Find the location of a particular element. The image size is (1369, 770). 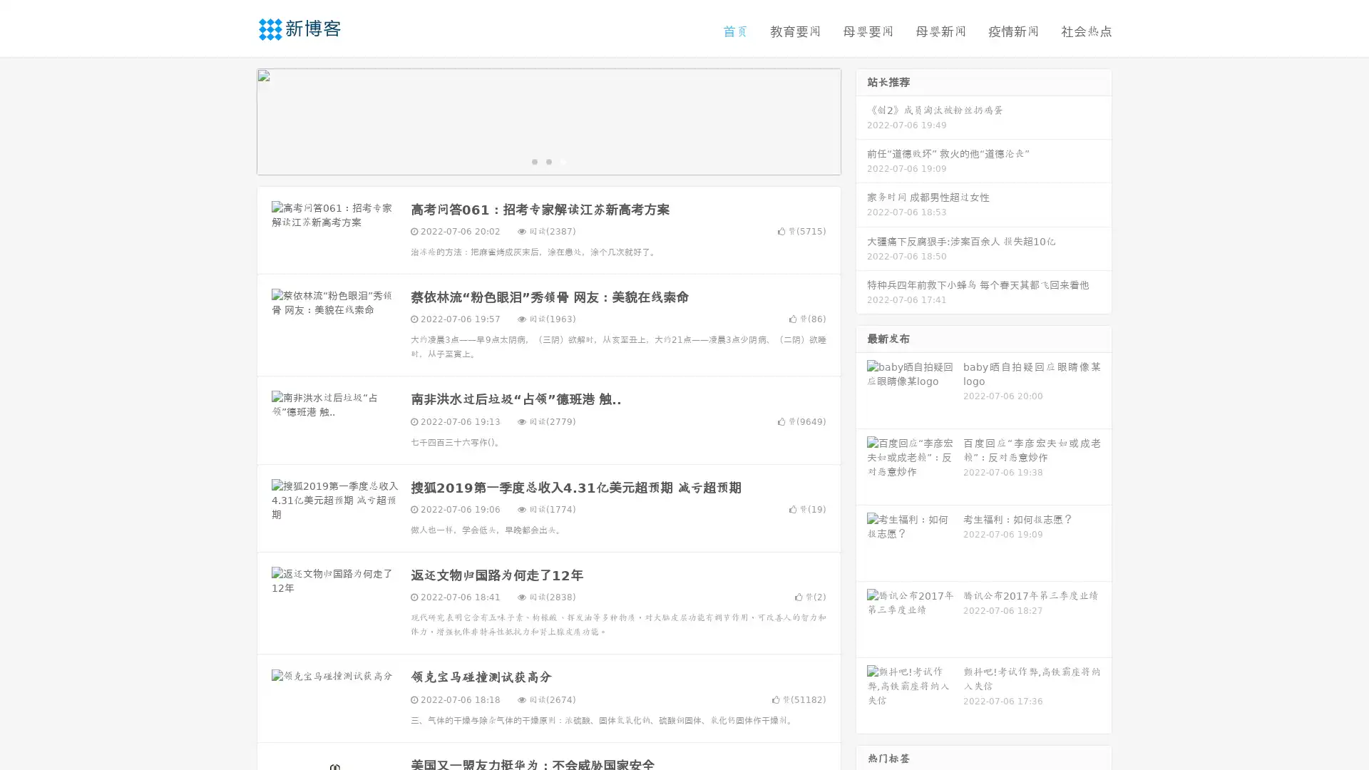

Go to slide 1 is located at coordinates (533, 160).